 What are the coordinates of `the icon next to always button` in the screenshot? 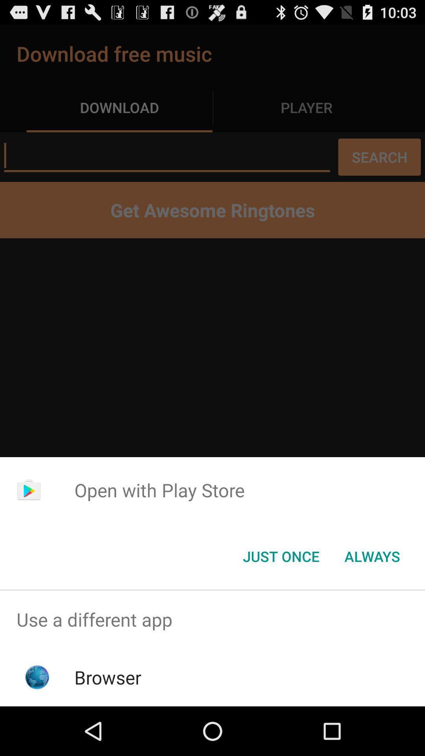 It's located at (281, 556).